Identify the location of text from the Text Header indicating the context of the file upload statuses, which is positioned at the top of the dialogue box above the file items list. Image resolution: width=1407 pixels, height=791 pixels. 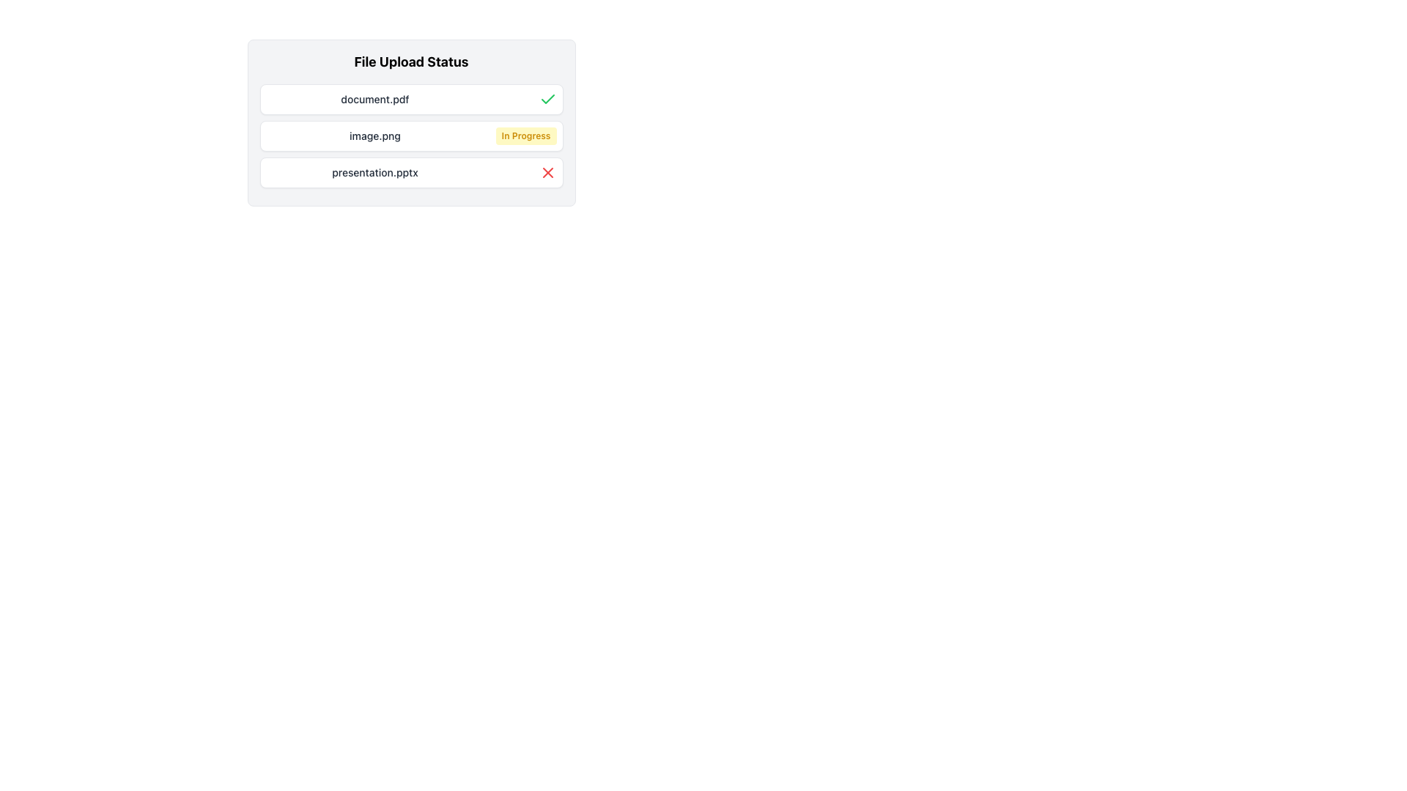
(410, 61).